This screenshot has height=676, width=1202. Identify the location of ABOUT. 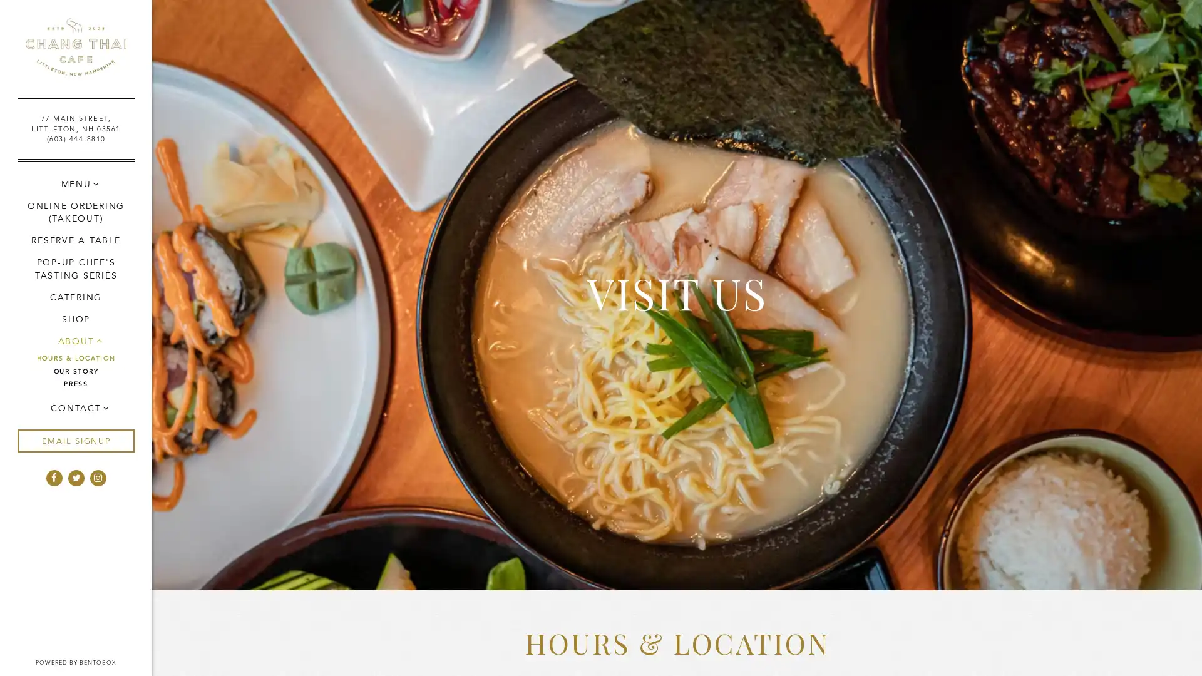
(74, 341).